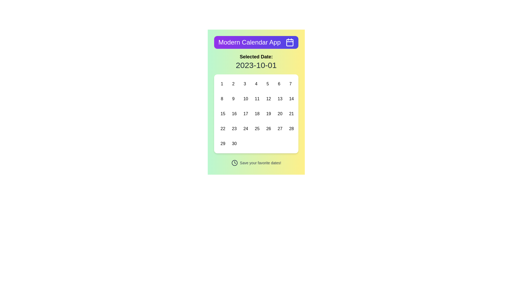  Describe the element at coordinates (233, 99) in the screenshot. I see `the rounded rectangular button labeled '9' in the calendar grid layout` at that location.